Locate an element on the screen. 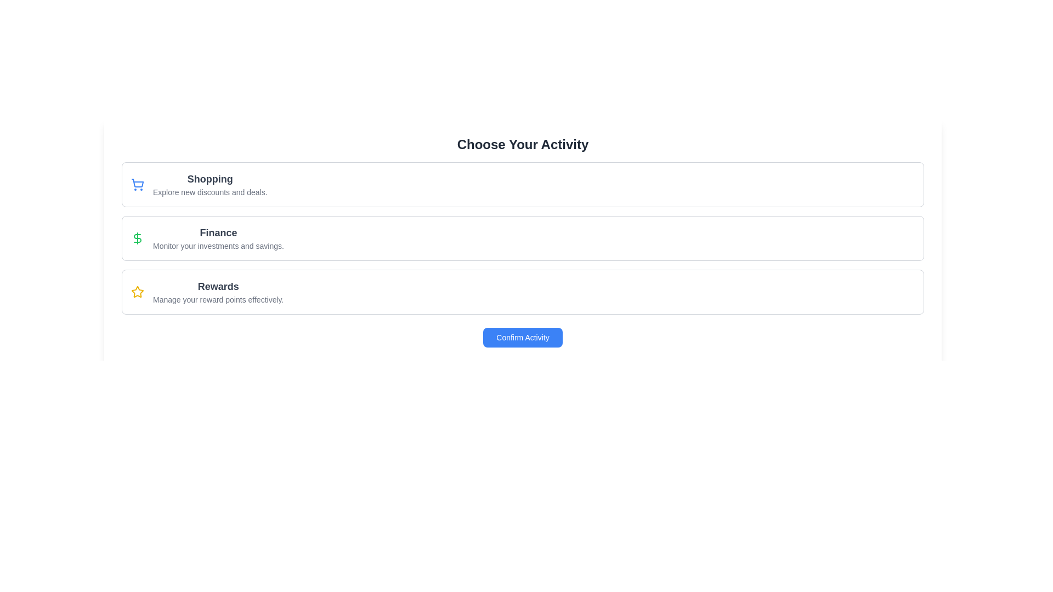 This screenshot has height=592, width=1053. the star-shaped icon with a yellow outline and white fill, positioned near the 'Rewards' label at the bottom-most part of the UI is located at coordinates (137, 291).